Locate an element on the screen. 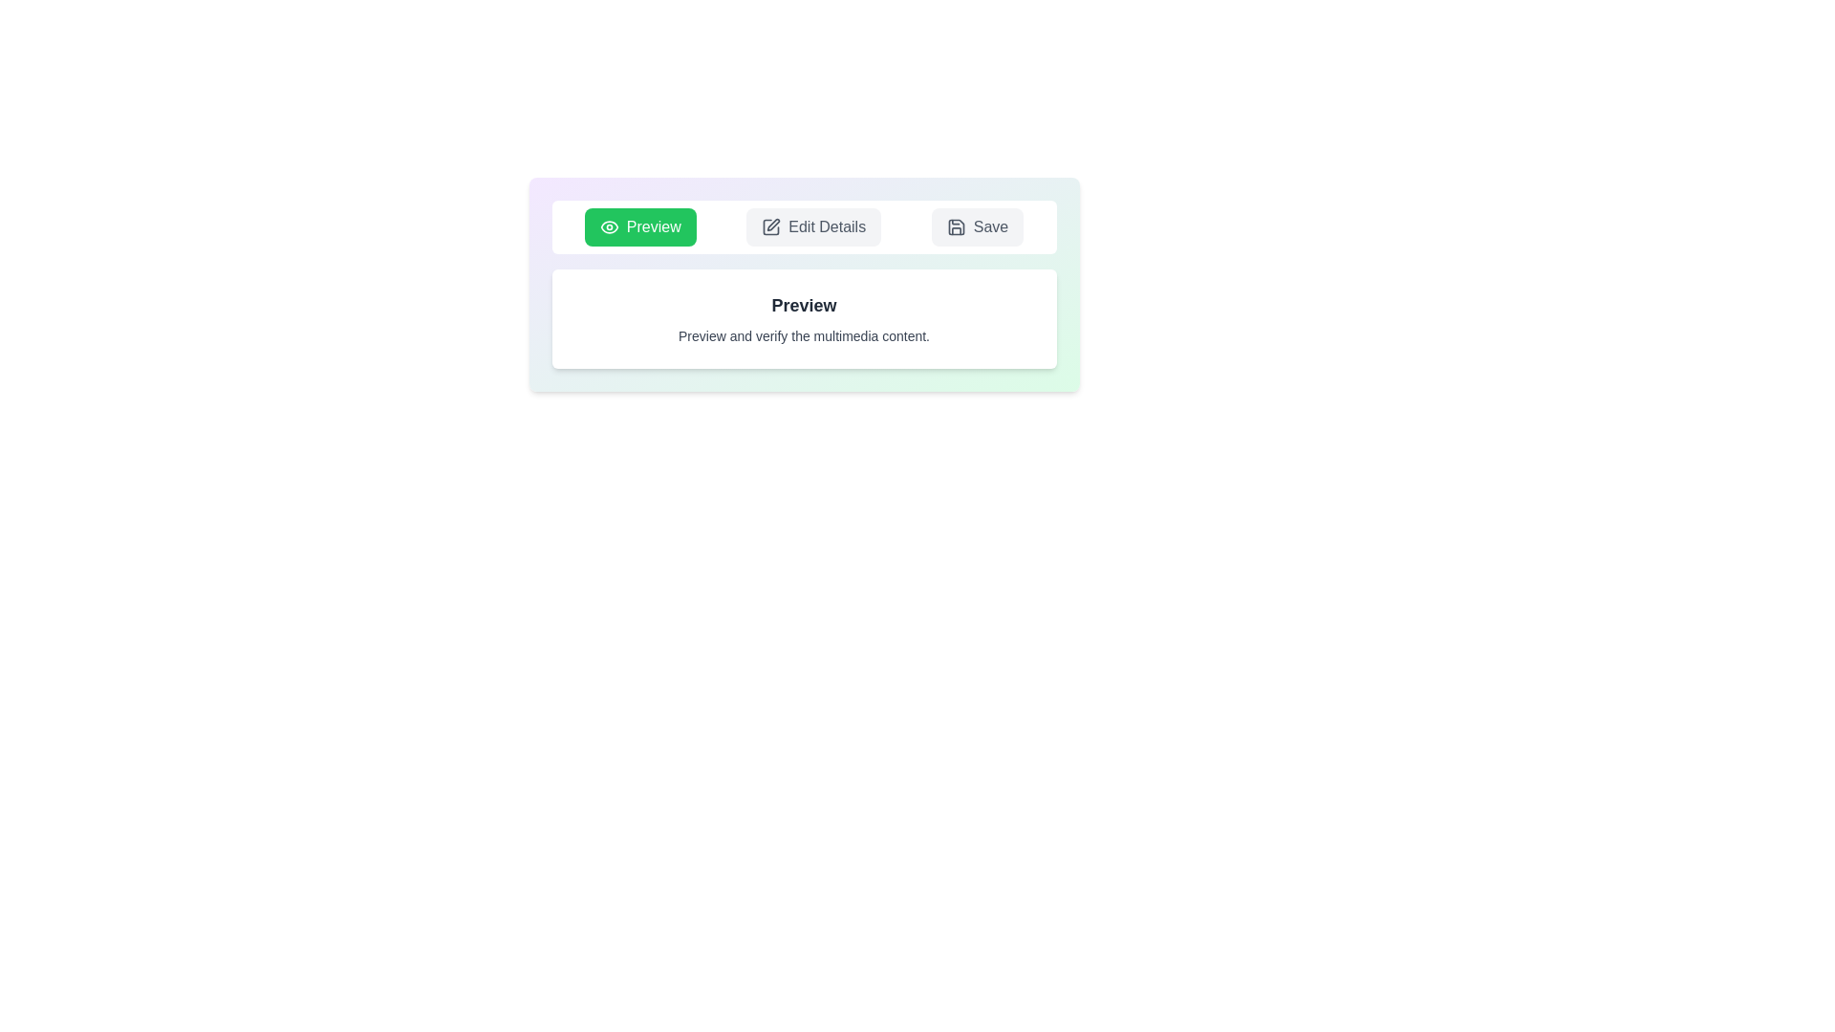 The height and width of the screenshot is (1032, 1835). the tab named Save to select its text is located at coordinates (977, 226).